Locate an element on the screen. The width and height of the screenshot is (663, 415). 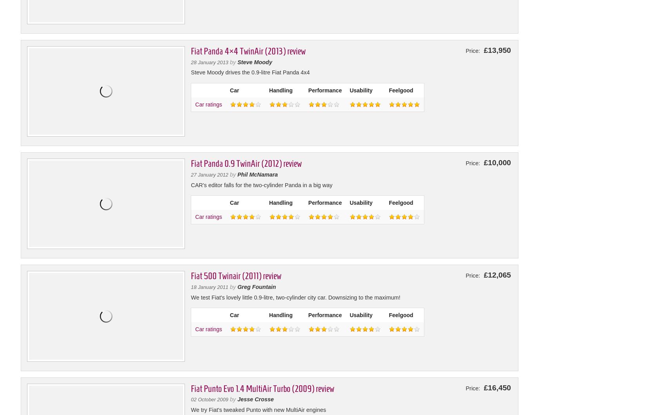
'Fiat Punto Evo 1.4 MultiAir Turbo (2009) review' is located at coordinates (190, 388).